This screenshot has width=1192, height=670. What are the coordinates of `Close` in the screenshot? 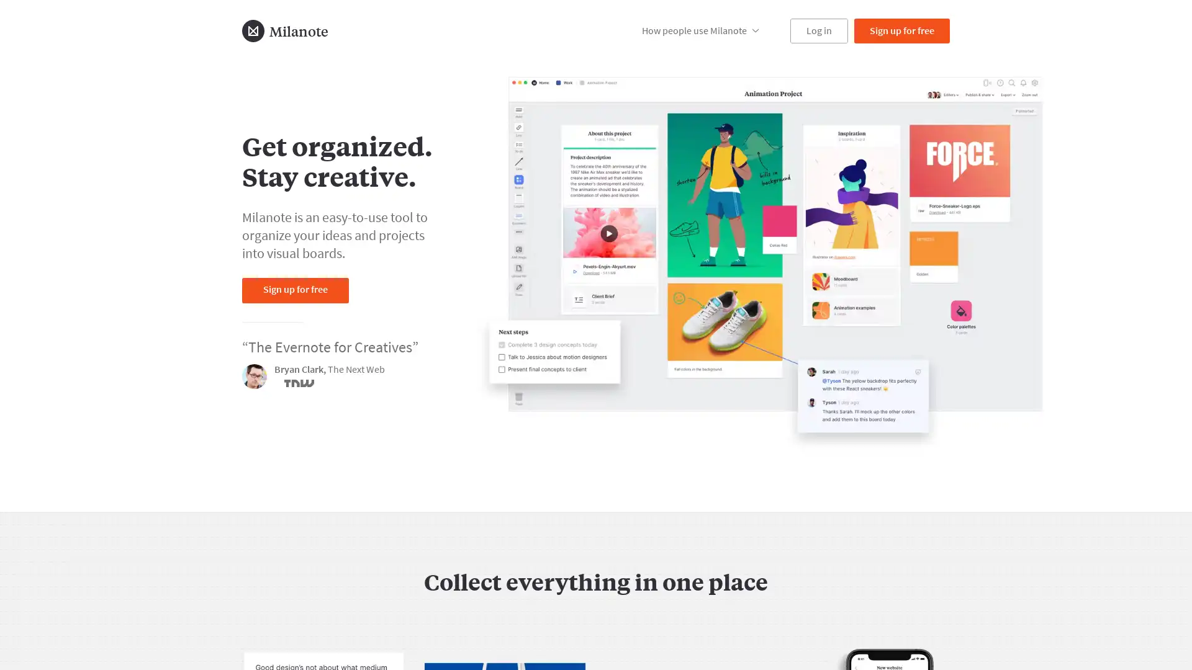 It's located at (908, 595).